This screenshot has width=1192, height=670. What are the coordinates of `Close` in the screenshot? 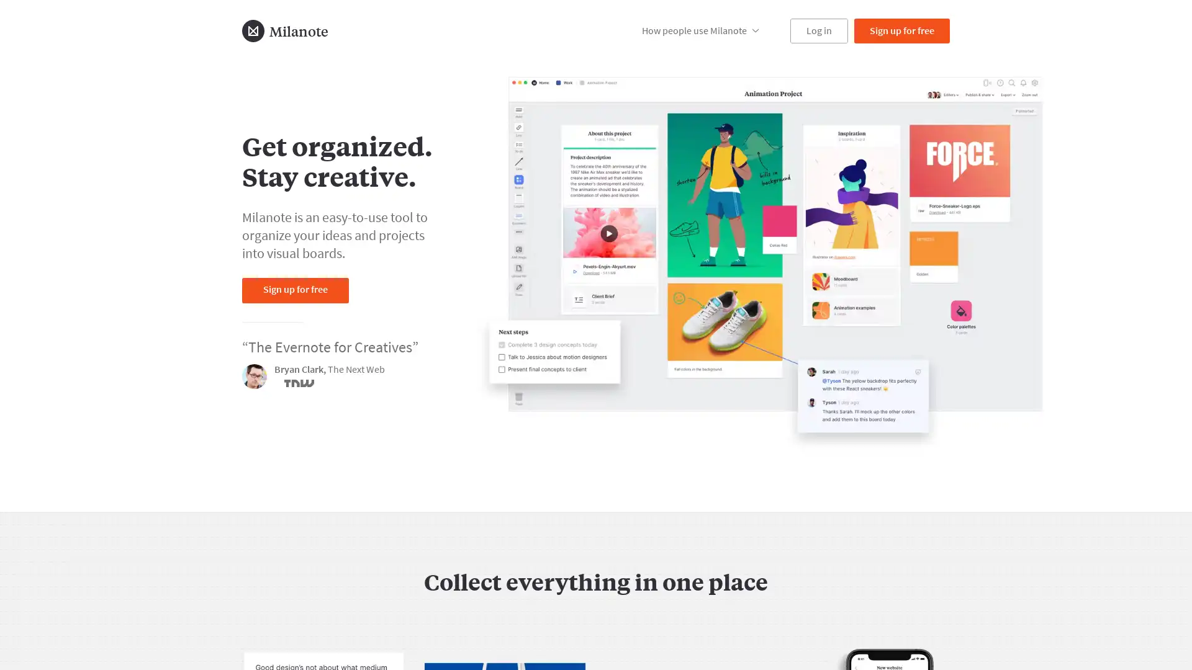 It's located at (908, 595).